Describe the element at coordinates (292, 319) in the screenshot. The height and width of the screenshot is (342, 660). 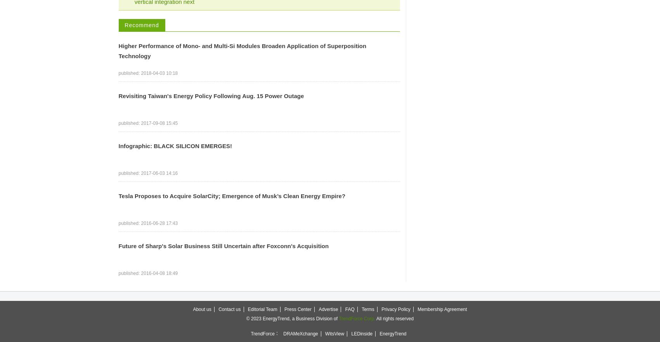
I see `'© 2023 EnergyTrend, a Business Division of'` at that location.